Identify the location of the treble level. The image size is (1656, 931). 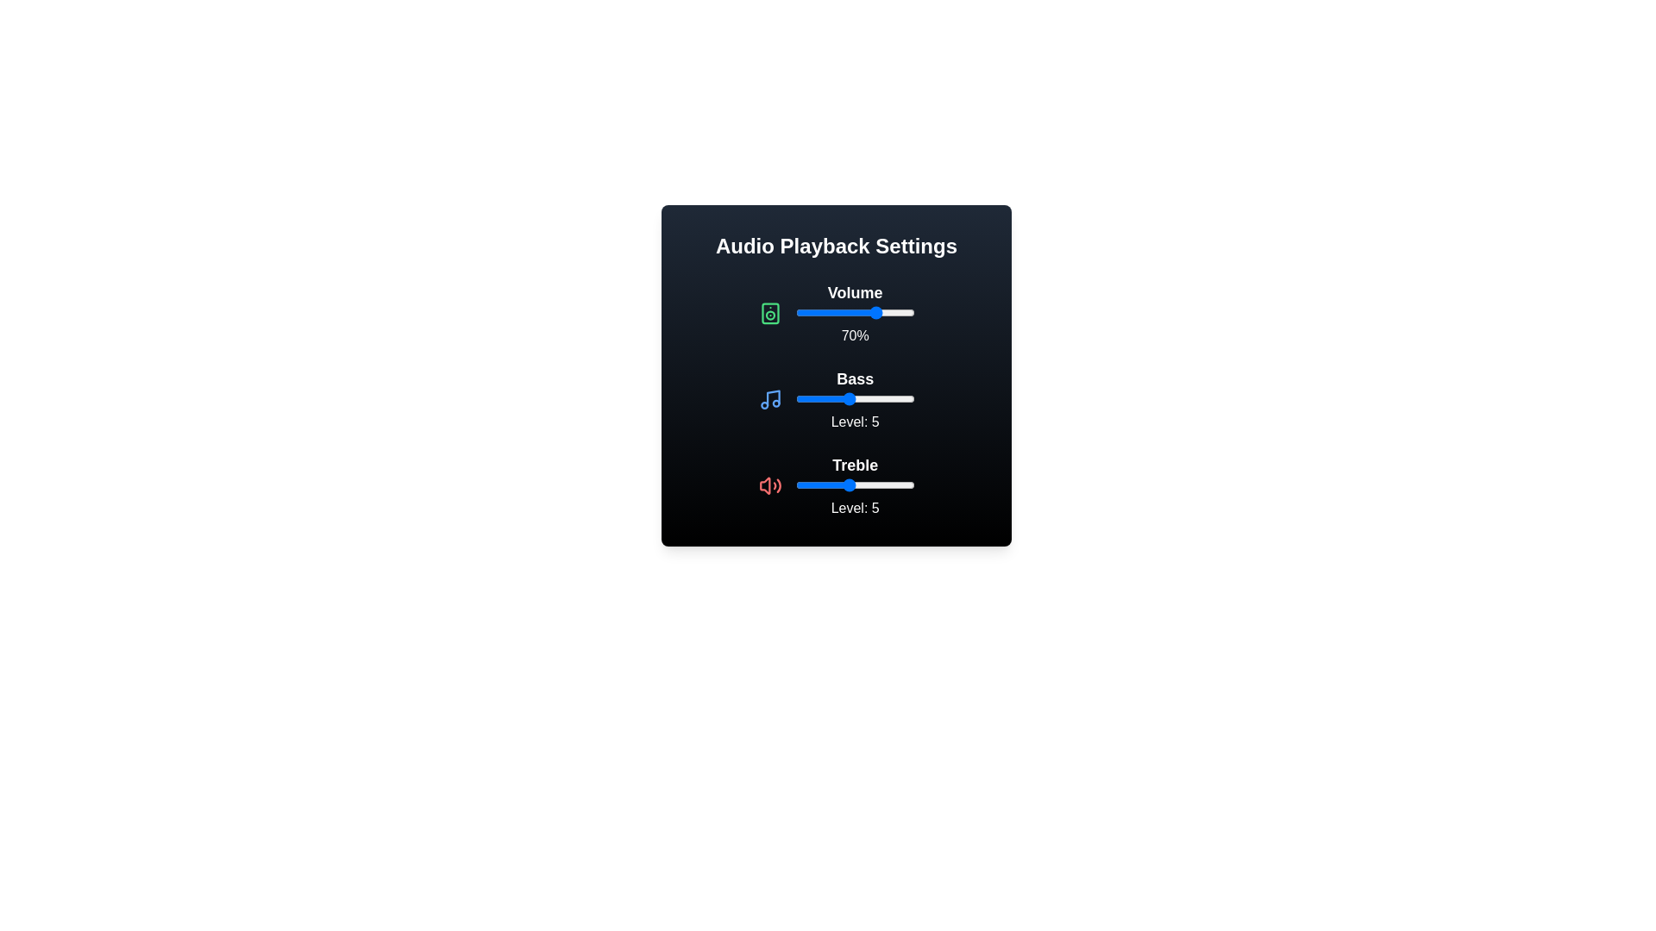
(835, 485).